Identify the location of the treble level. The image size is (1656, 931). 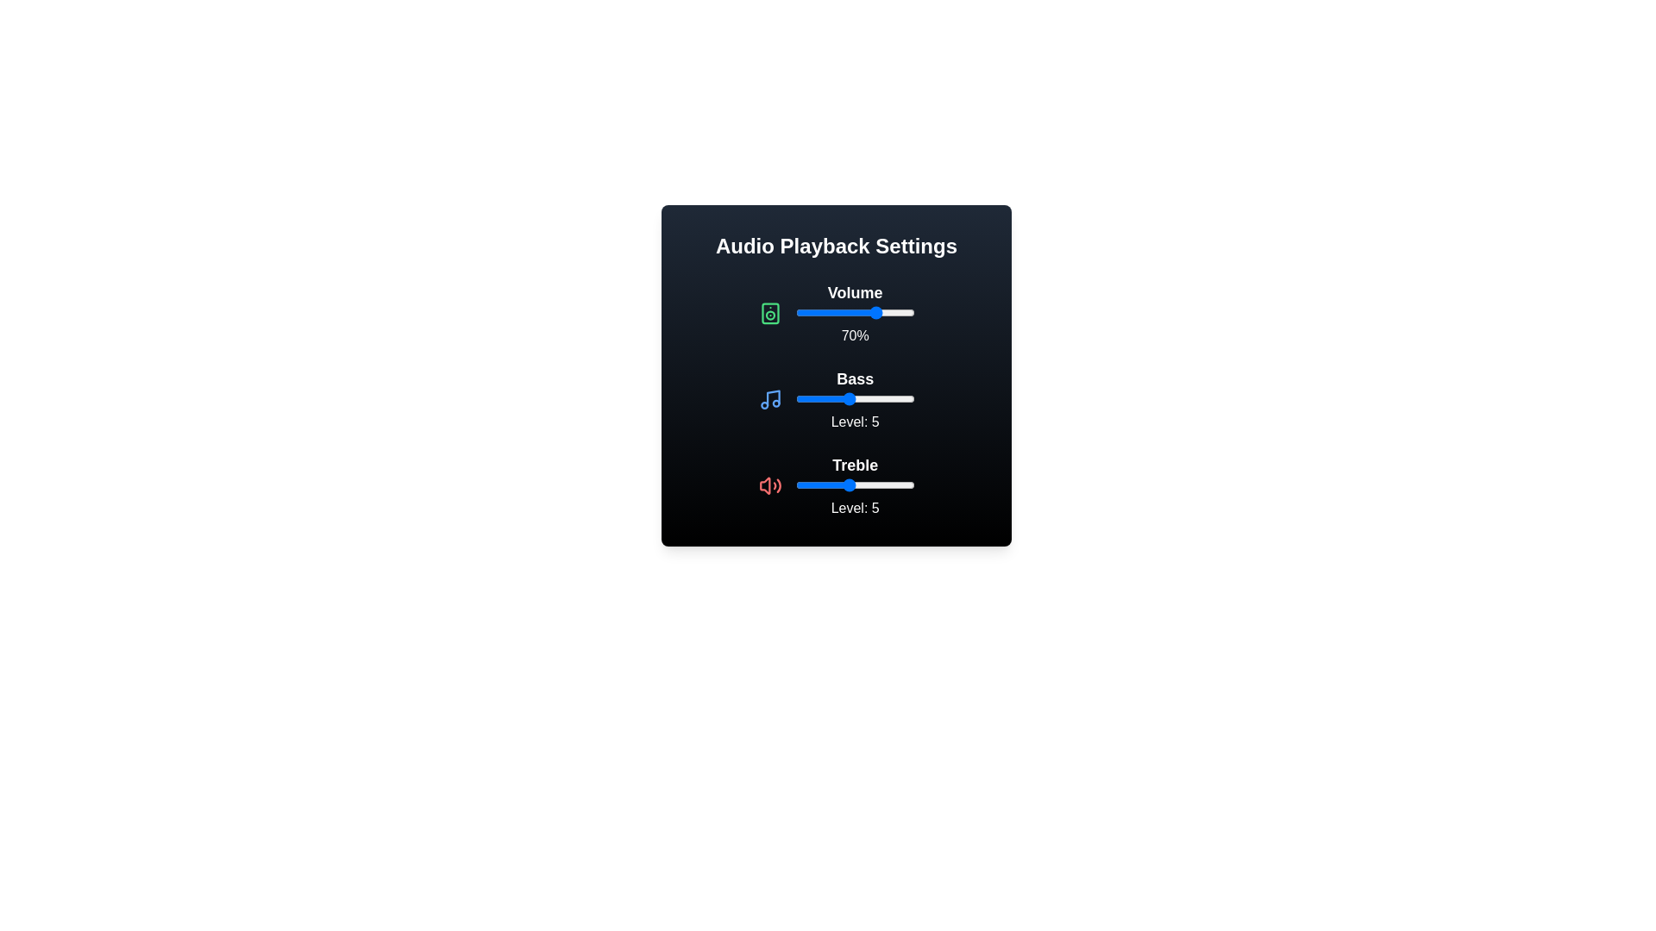
(835, 485).